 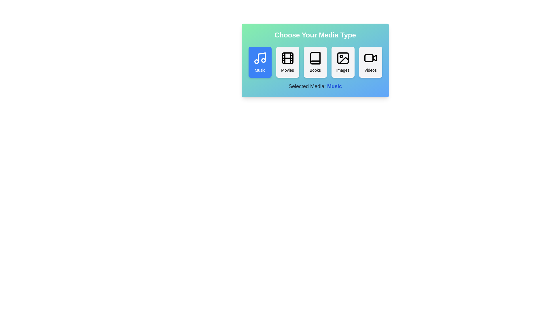 I want to click on the button corresponding to the media type Music, so click(x=260, y=62).